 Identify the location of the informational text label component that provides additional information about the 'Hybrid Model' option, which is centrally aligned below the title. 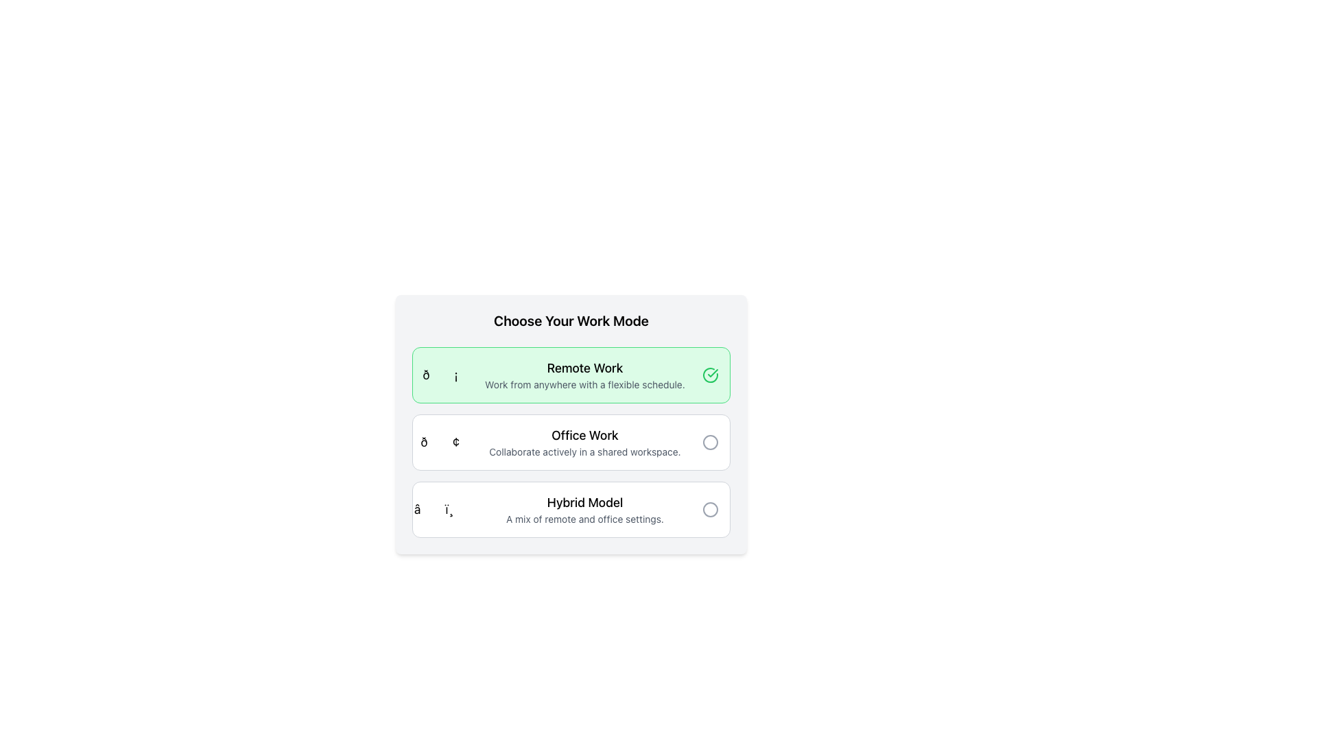
(585, 519).